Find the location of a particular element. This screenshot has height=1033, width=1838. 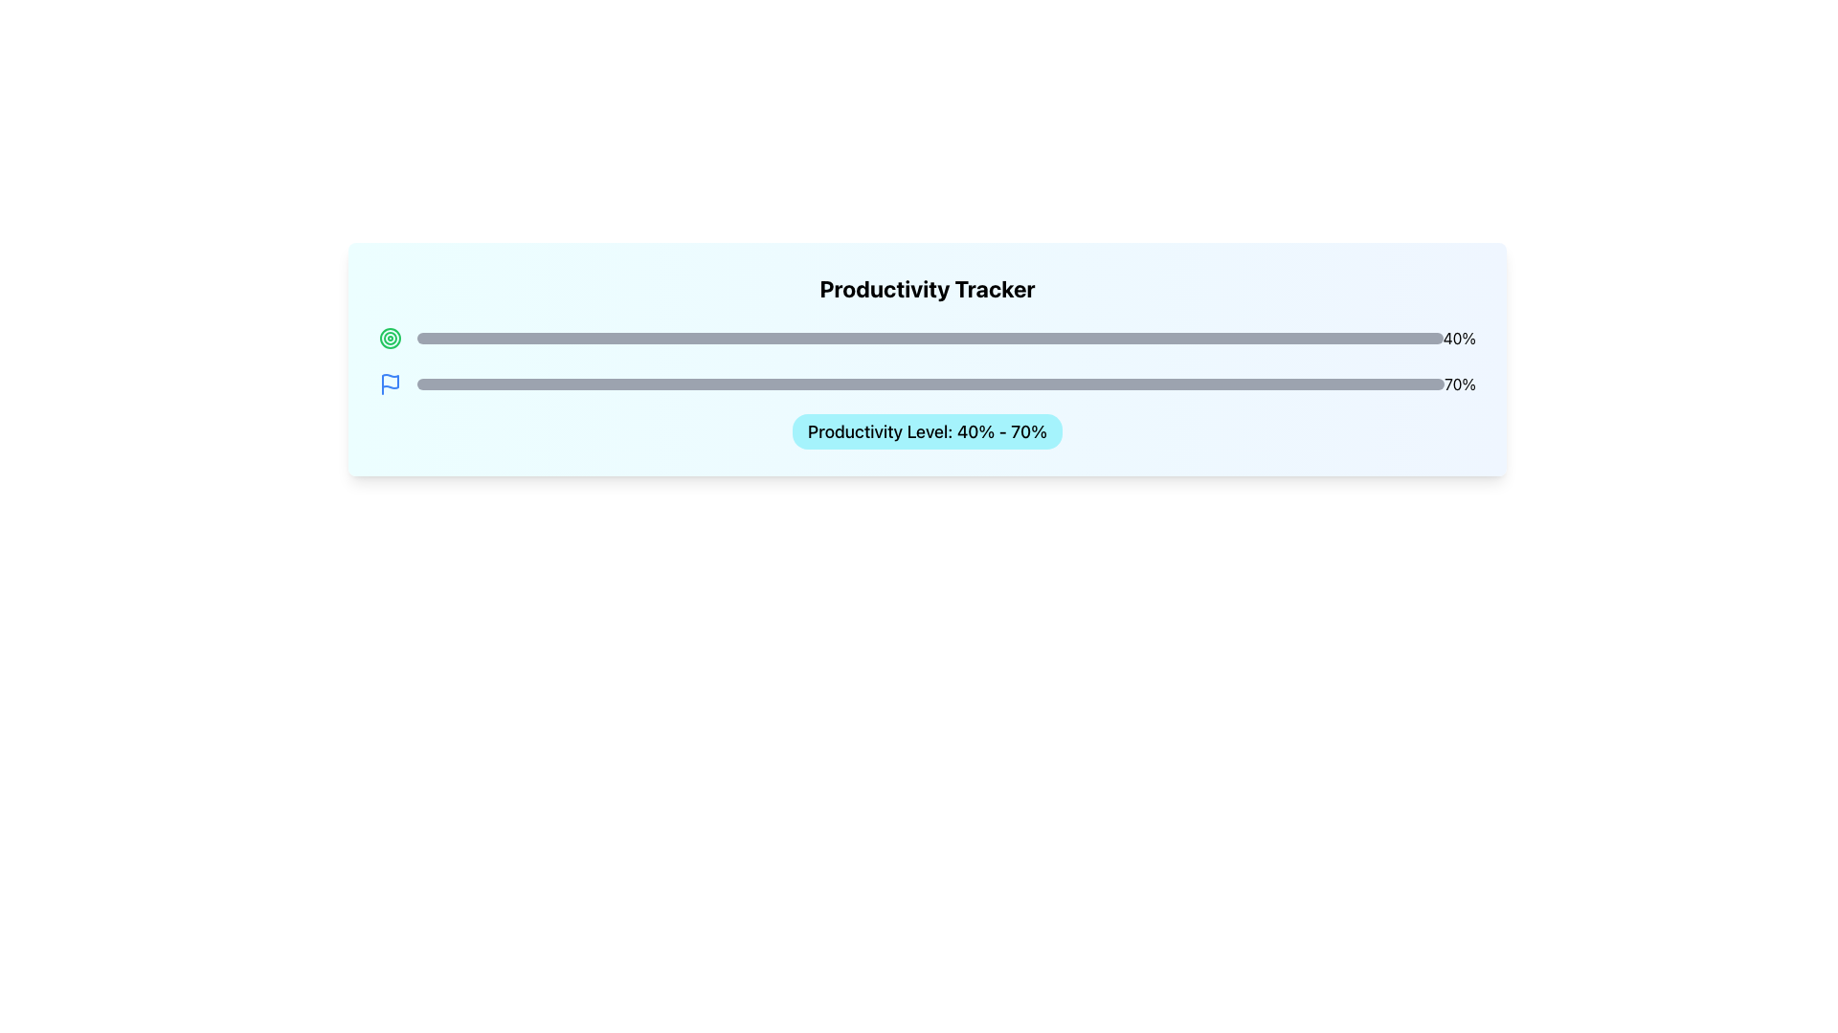

the centrally located Progress Bar that visually represents the current productivity percentage with a label indicating '40%' on its right side is located at coordinates (930, 338).